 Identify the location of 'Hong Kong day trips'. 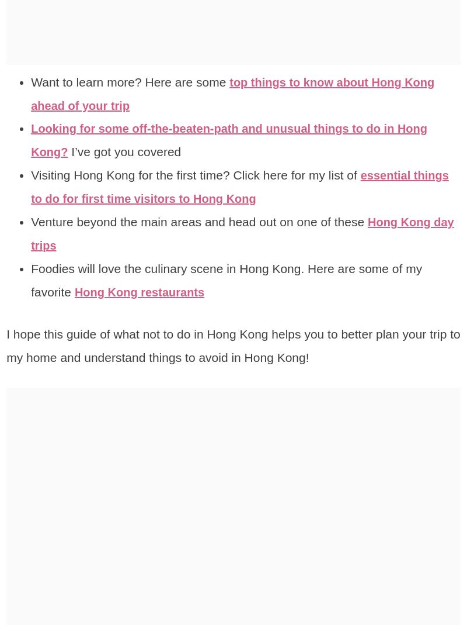
(244, 233).